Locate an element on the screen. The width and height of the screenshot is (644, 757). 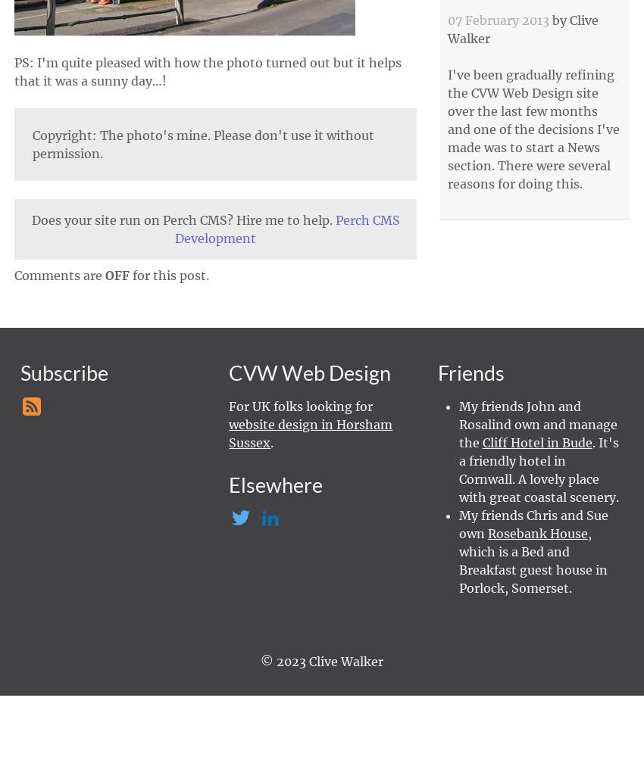
'OFF' is located at coordinates (105, 274).